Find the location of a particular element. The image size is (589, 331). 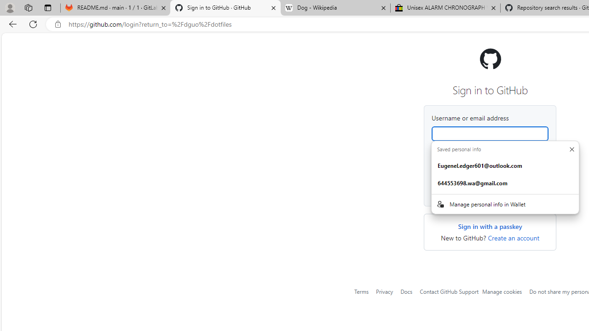

'EugeneLedger601@outlook.com. :Basic info suggestion.' is located at coordinates (505, 166).